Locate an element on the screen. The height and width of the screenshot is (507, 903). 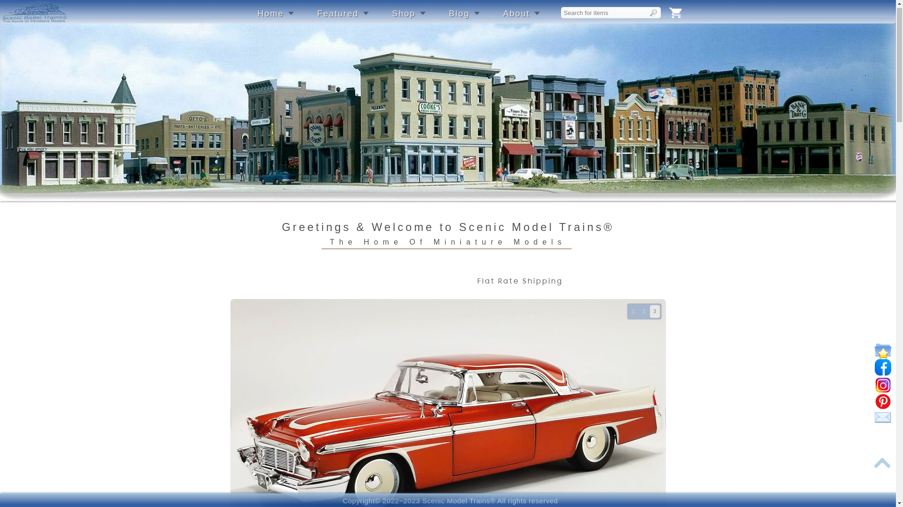
'Visit us on Instagam' is located at coordinates (882, 390).